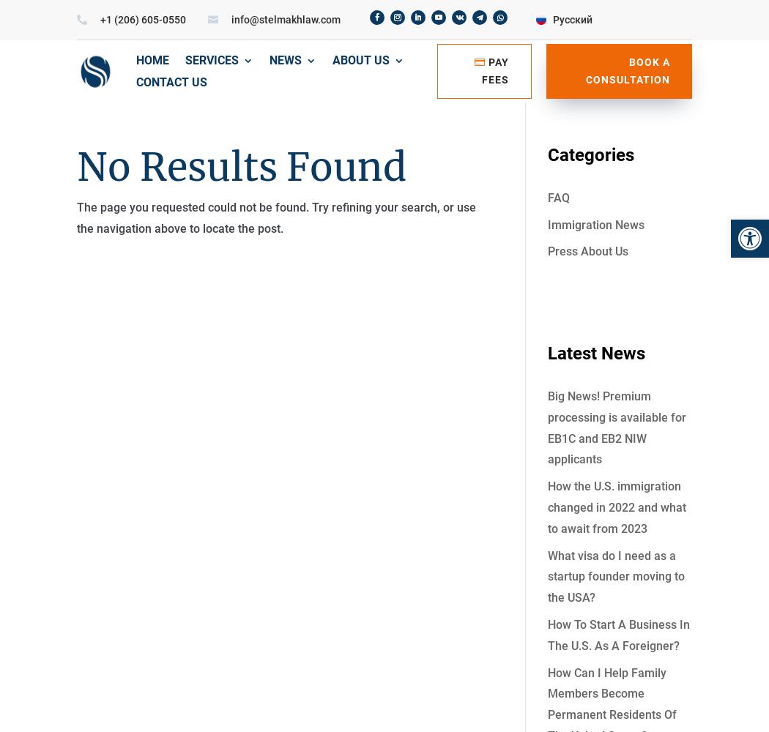  I want to click on 'FAQ', so click(559, 197).